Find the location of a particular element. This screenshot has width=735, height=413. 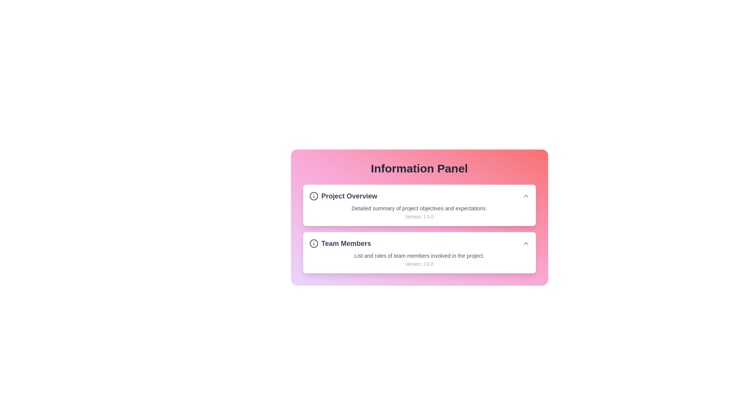

the informational icon located to the left of the 'Project Overview' header, which signifies the content's nature is located at coordinates (314, 196).